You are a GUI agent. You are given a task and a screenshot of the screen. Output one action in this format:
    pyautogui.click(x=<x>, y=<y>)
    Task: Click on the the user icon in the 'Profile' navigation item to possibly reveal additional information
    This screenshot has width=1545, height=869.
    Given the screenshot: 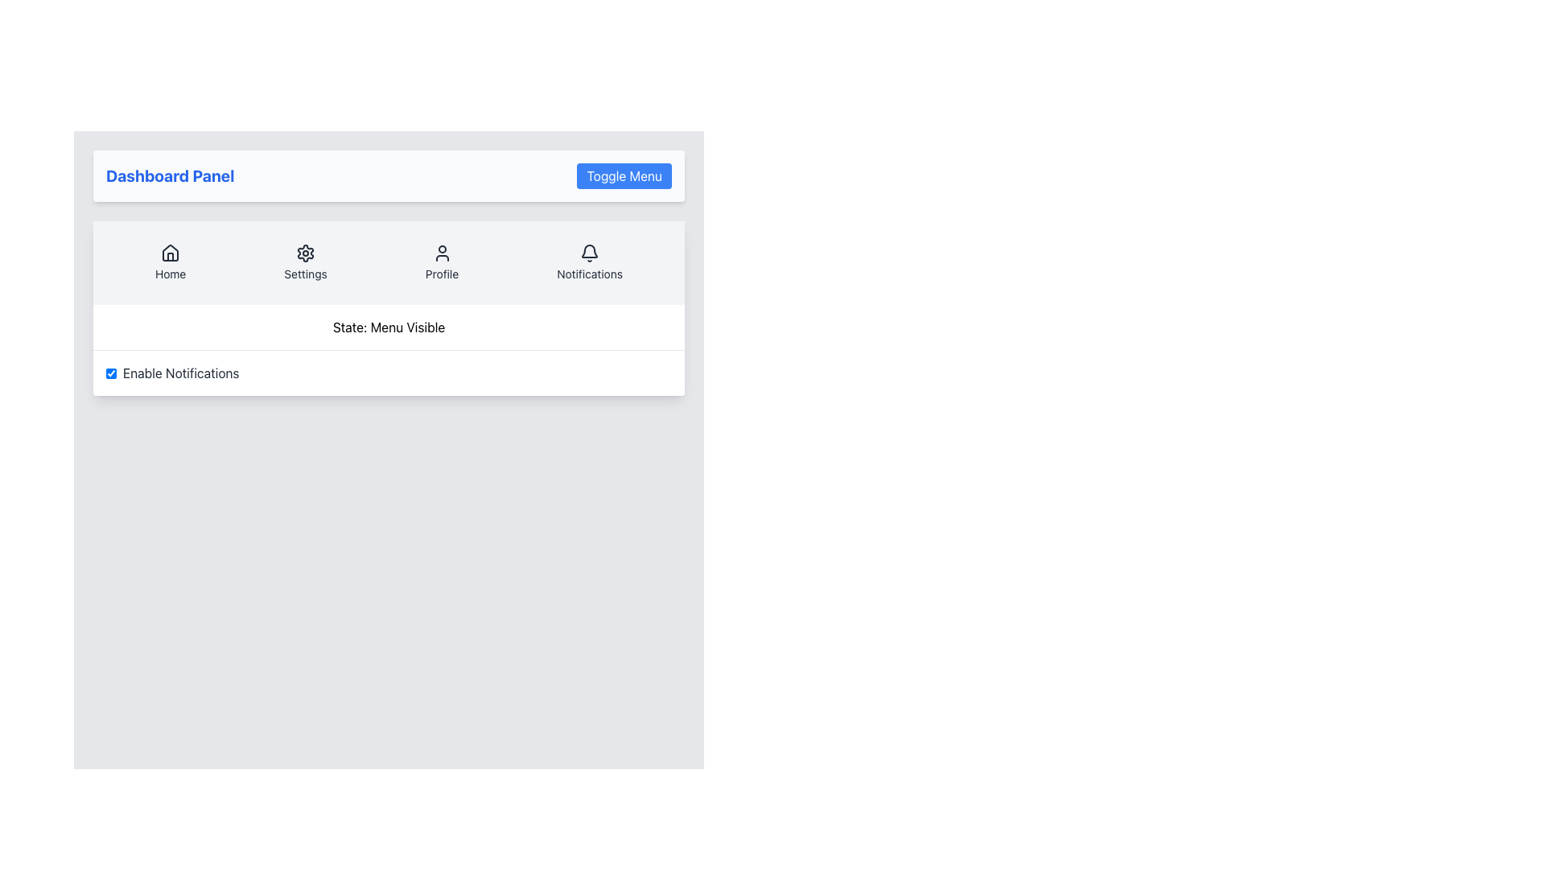 What is the action you would take?
    pyautogui.click(x=442, y=253)
    